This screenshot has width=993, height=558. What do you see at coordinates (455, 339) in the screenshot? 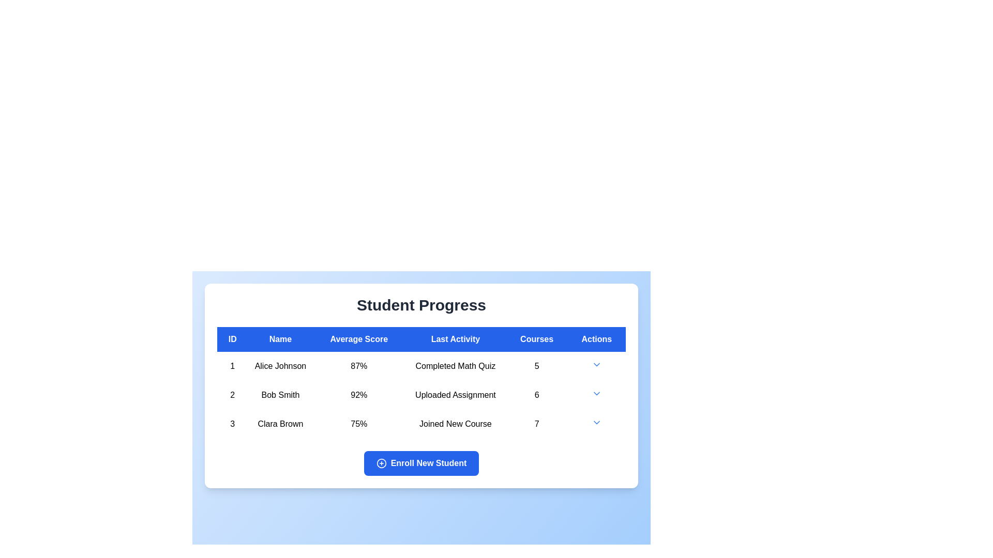
I see `the header label for the column that is the fourth item from the left in the data table, positioned between 'Average Score' and 'Courses'` at bounding box center [455, 339].